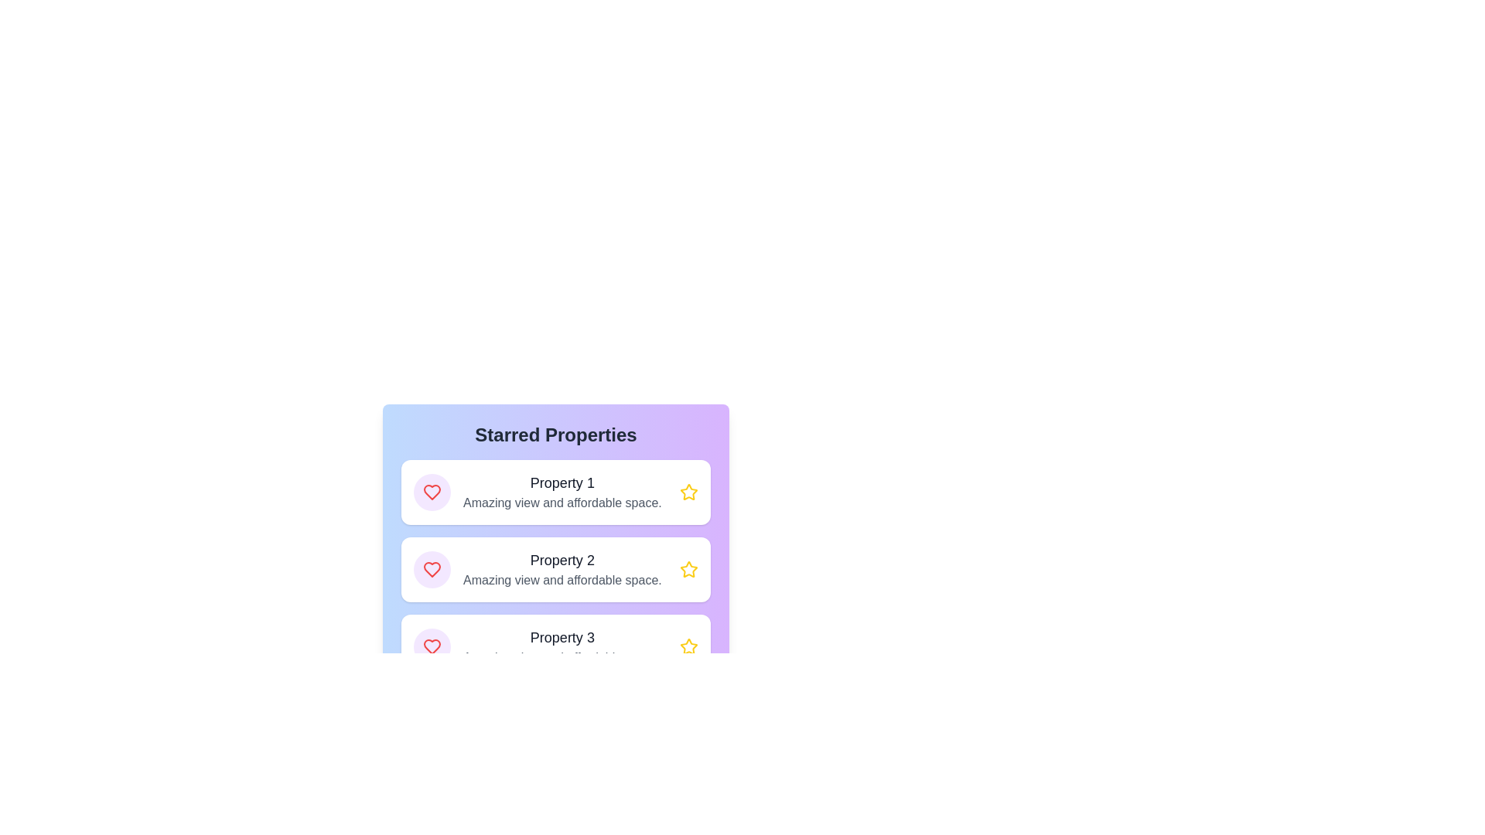  I want to click on the first list item titled 'Property 1' with the description 'Amazing view and affordable space,' which features a circular purple icon with a red heart, so click(538, 492).